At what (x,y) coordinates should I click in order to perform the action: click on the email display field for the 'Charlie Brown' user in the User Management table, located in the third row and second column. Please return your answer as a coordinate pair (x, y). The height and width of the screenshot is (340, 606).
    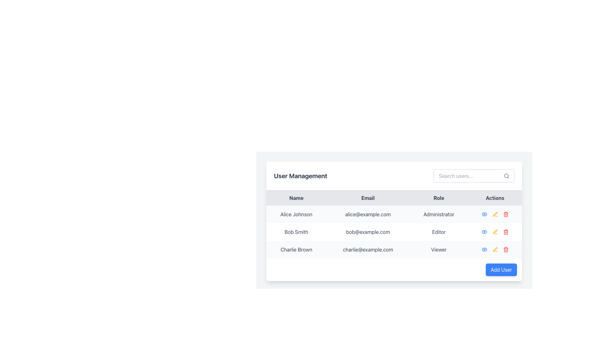
    Looking at the image, I should click on (368, 249).